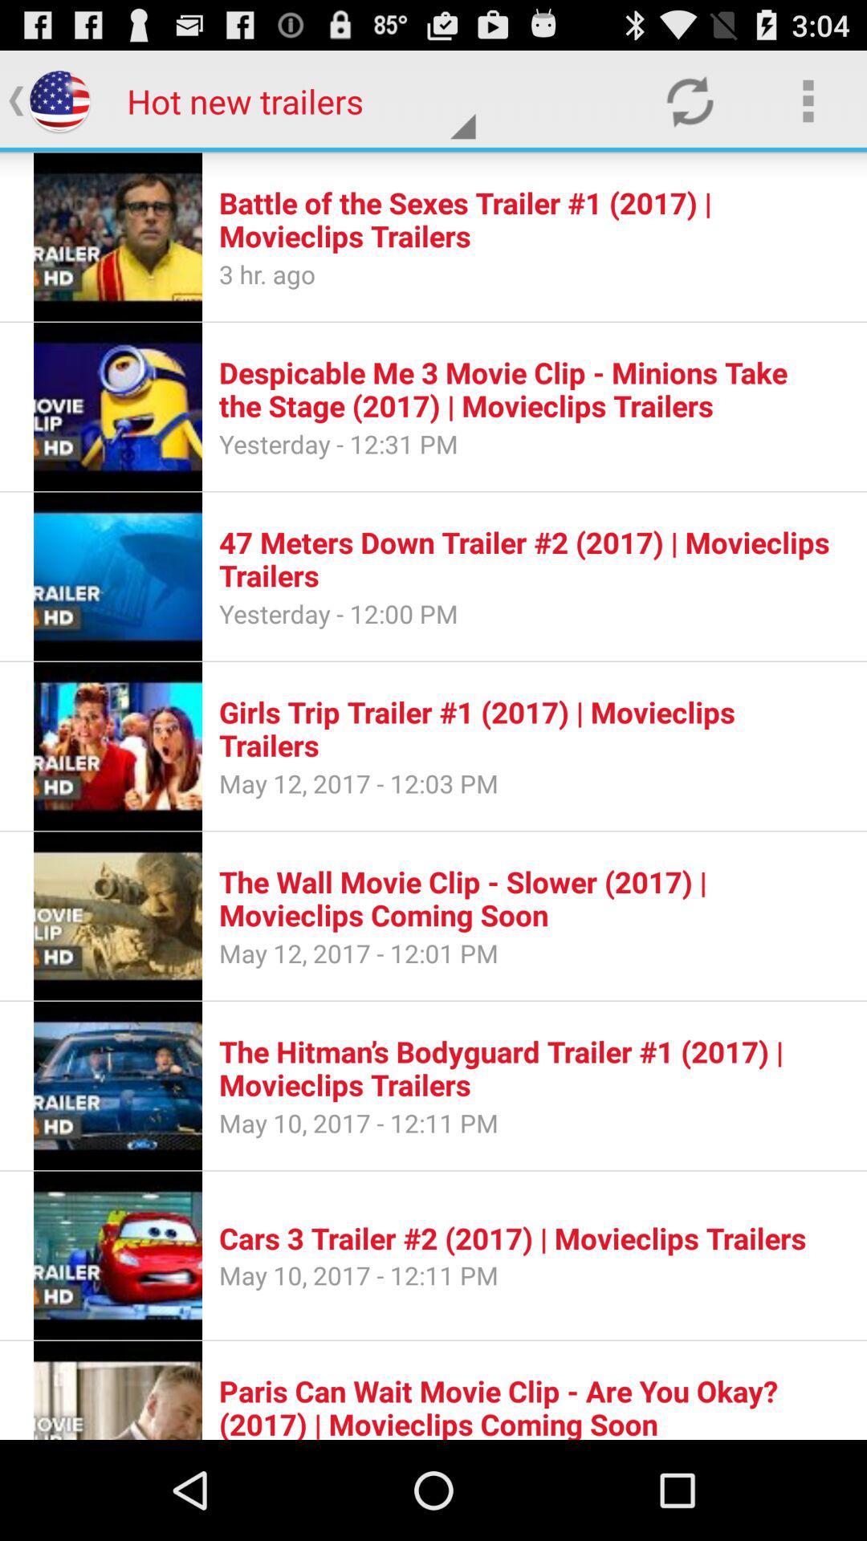 The width and height of the screenshot is (867, 1541). What do you see at coordinates (689, 100) in the screenshot?
I see `the item next to hot new trailers icon` at bounding box center [689, 100].